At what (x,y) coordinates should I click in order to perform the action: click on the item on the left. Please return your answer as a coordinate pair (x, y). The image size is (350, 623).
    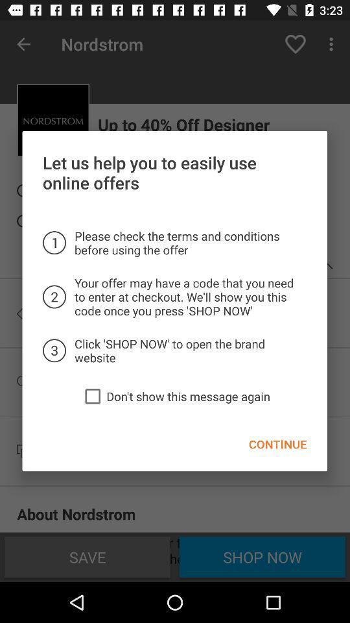
    Looking at the image, I should click on (92, 395).